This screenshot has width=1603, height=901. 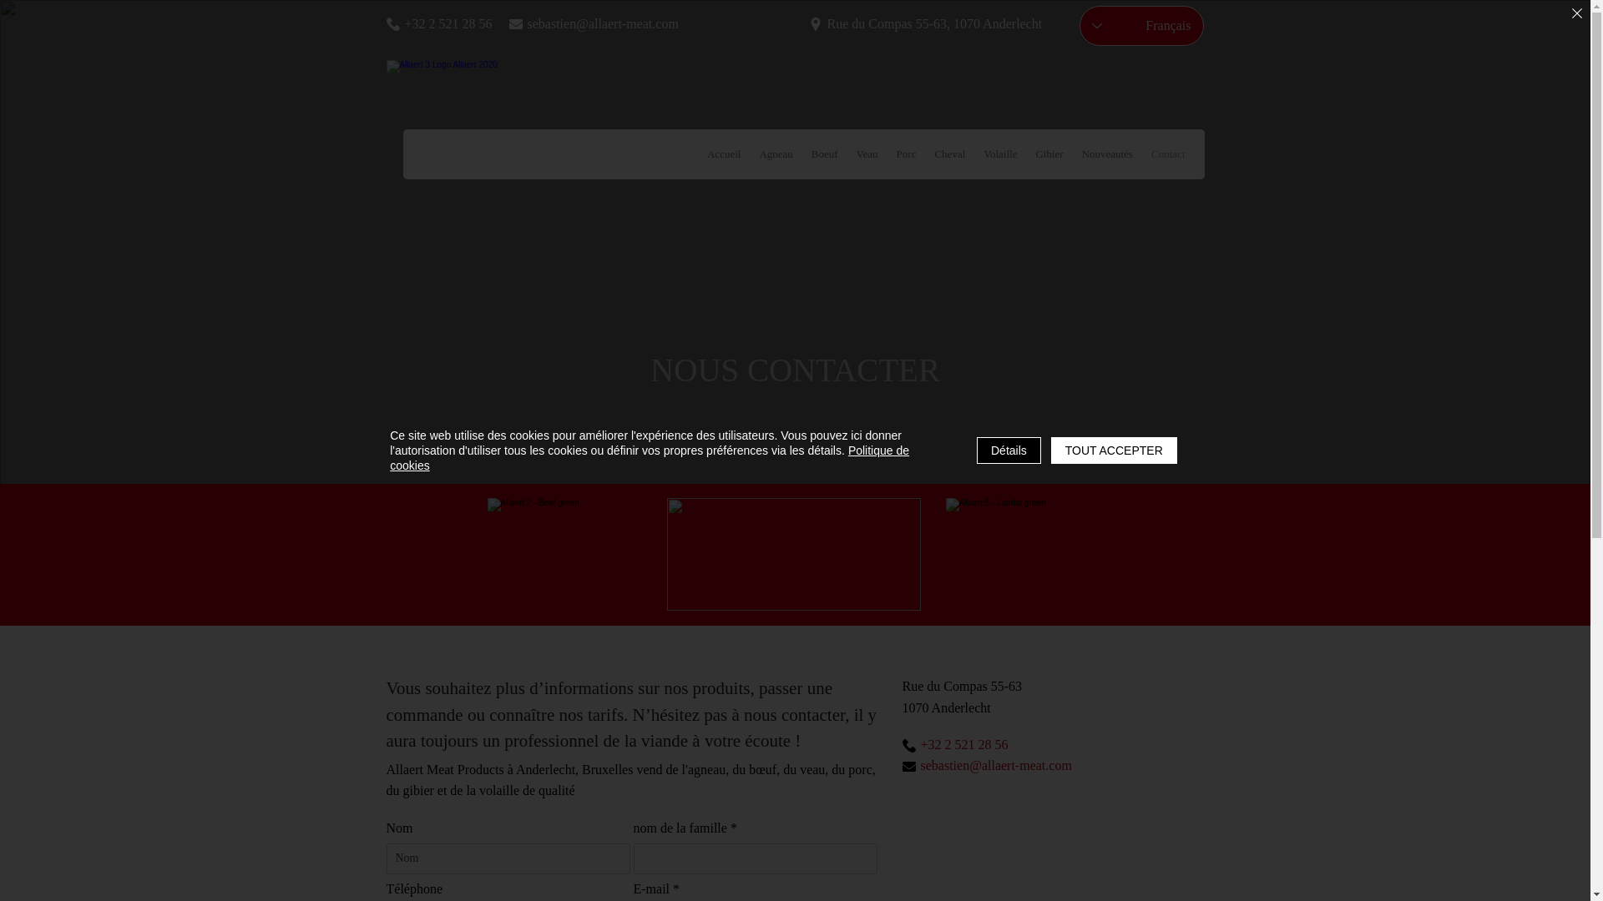 I want to click on 'Boeuf', so click(x=825, y=154).